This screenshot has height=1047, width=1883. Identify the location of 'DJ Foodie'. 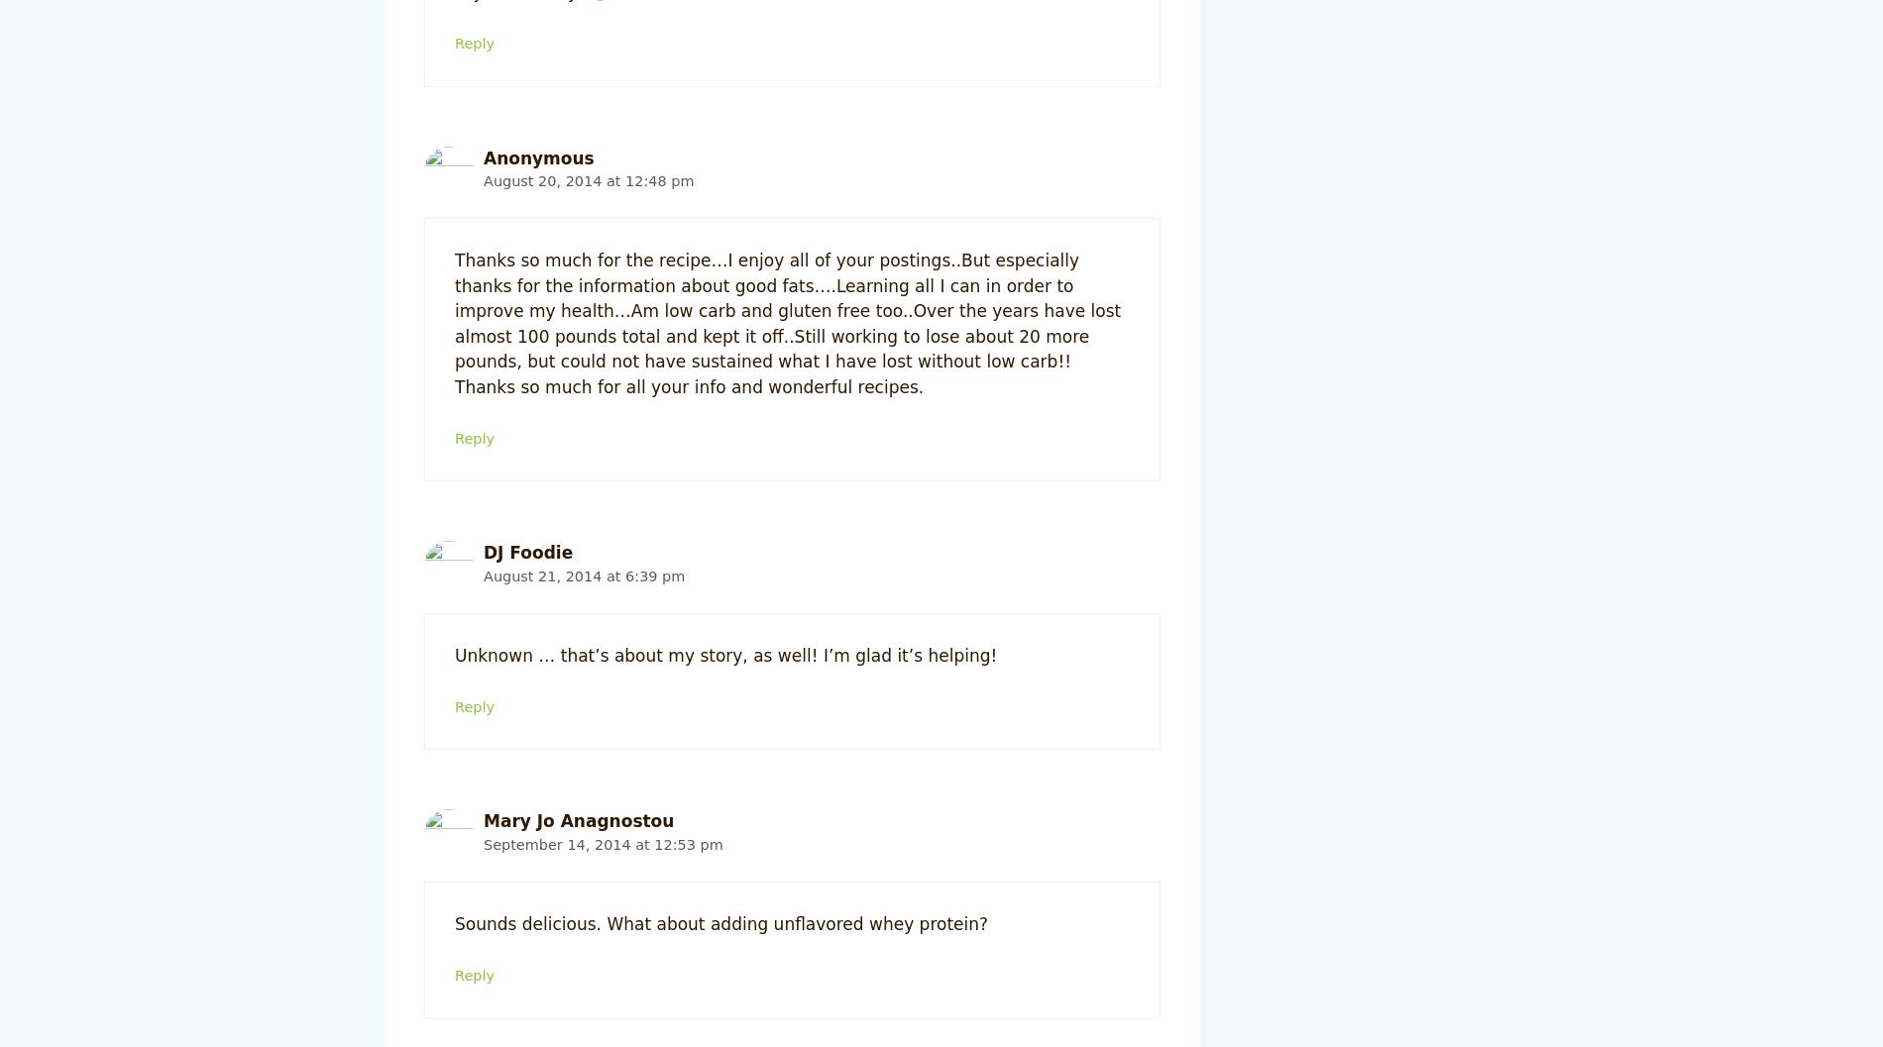
(527, 551).